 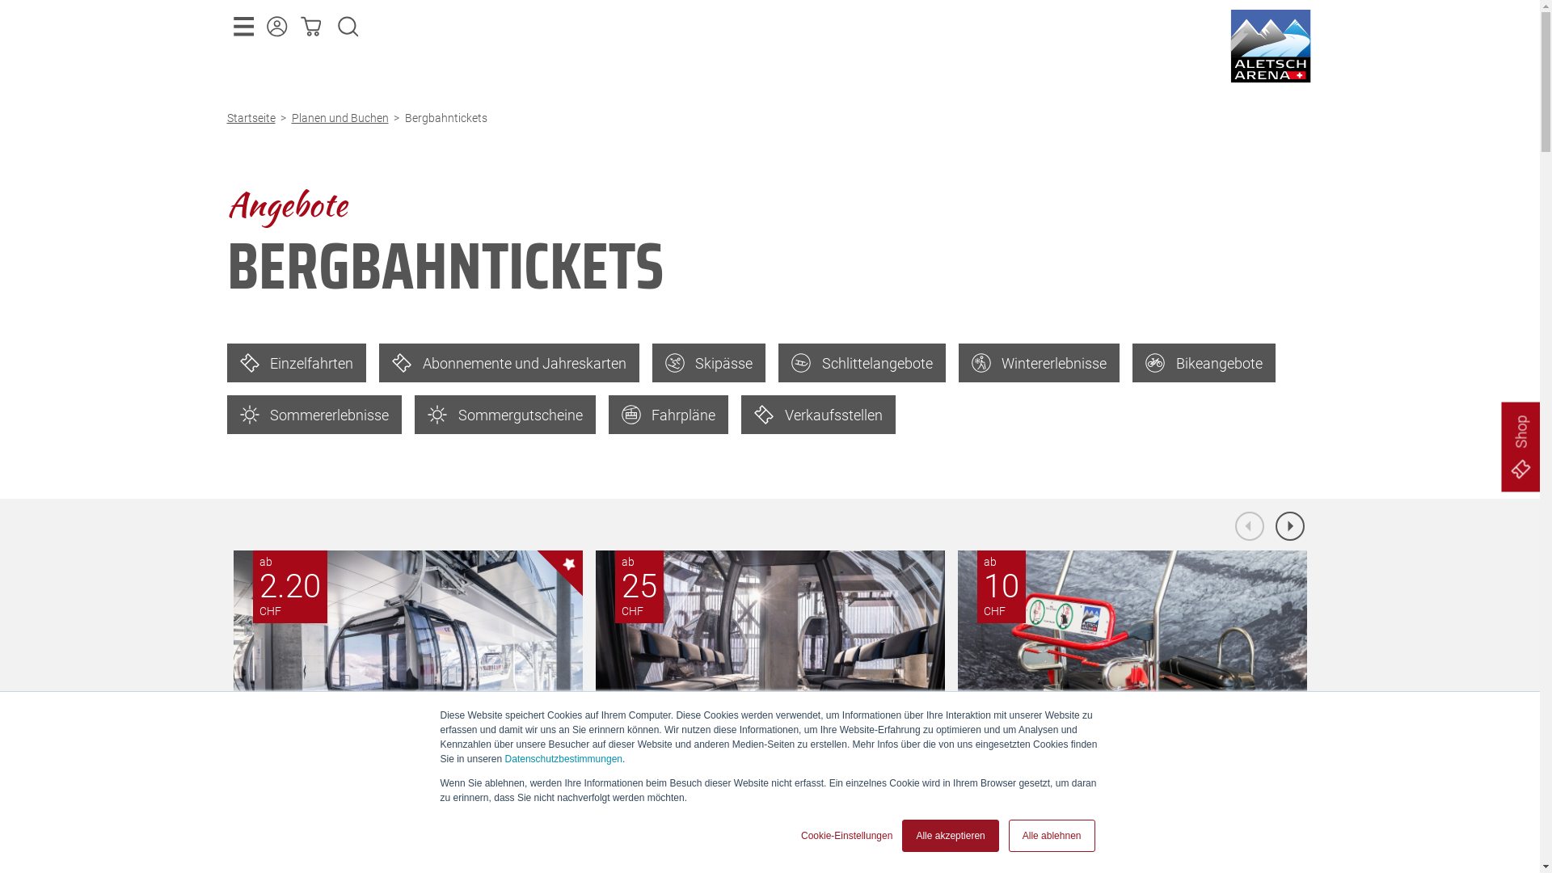 What do you see at coordinates (818, 414) in the screenshot?
I see `'Verkaufsstellen'` at bounding box center [818, 414].